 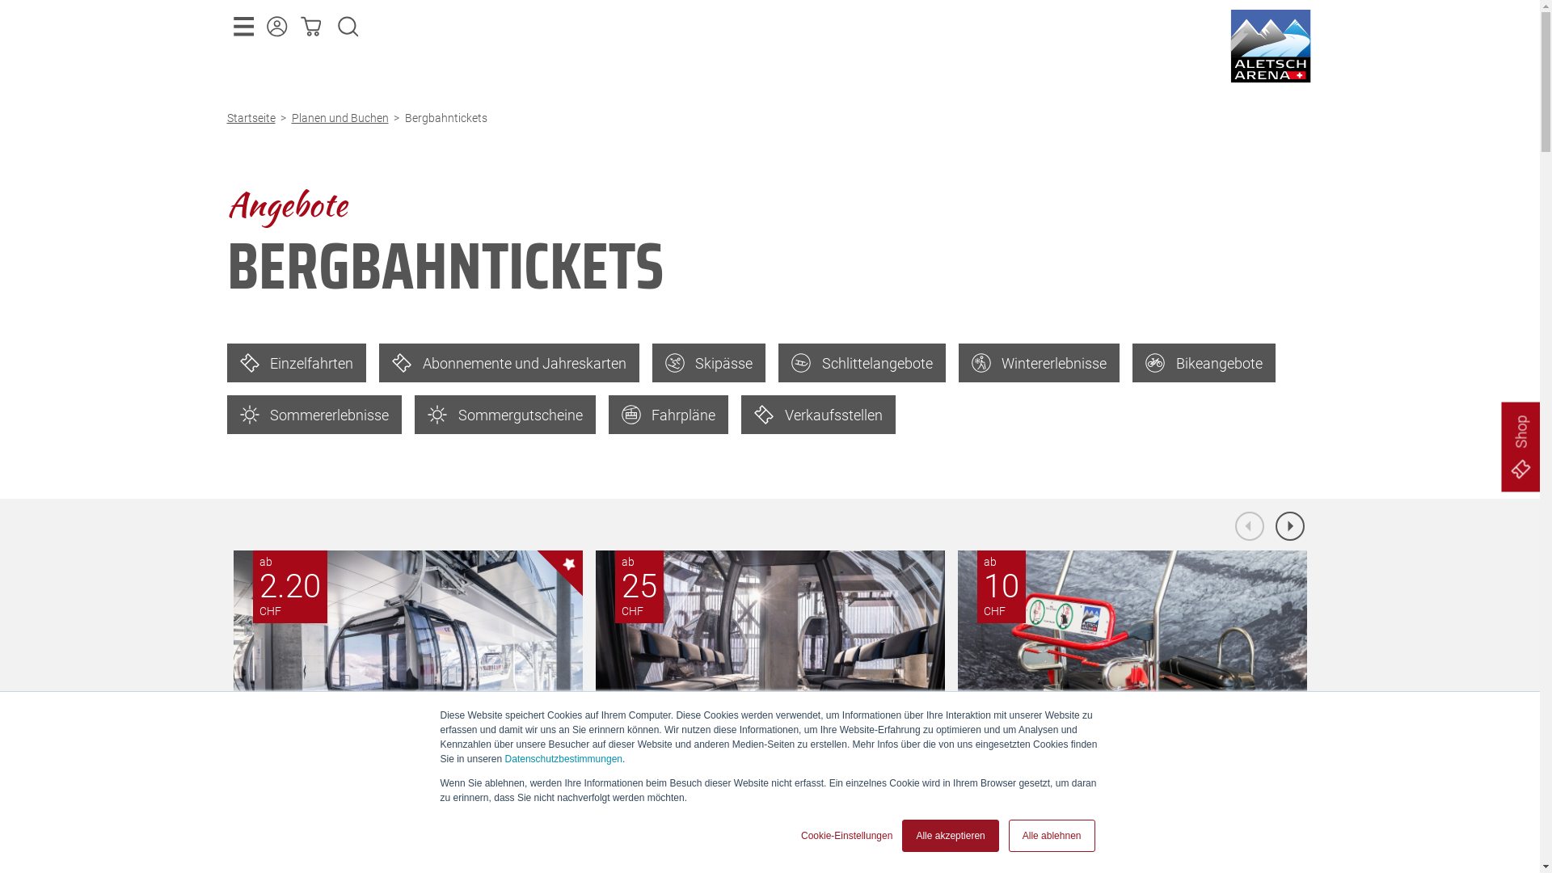 What do you see at coordinates (818, 414) in the screenshot?
I see `'Verkaufsstellen'` at bounding box center [818, 414].